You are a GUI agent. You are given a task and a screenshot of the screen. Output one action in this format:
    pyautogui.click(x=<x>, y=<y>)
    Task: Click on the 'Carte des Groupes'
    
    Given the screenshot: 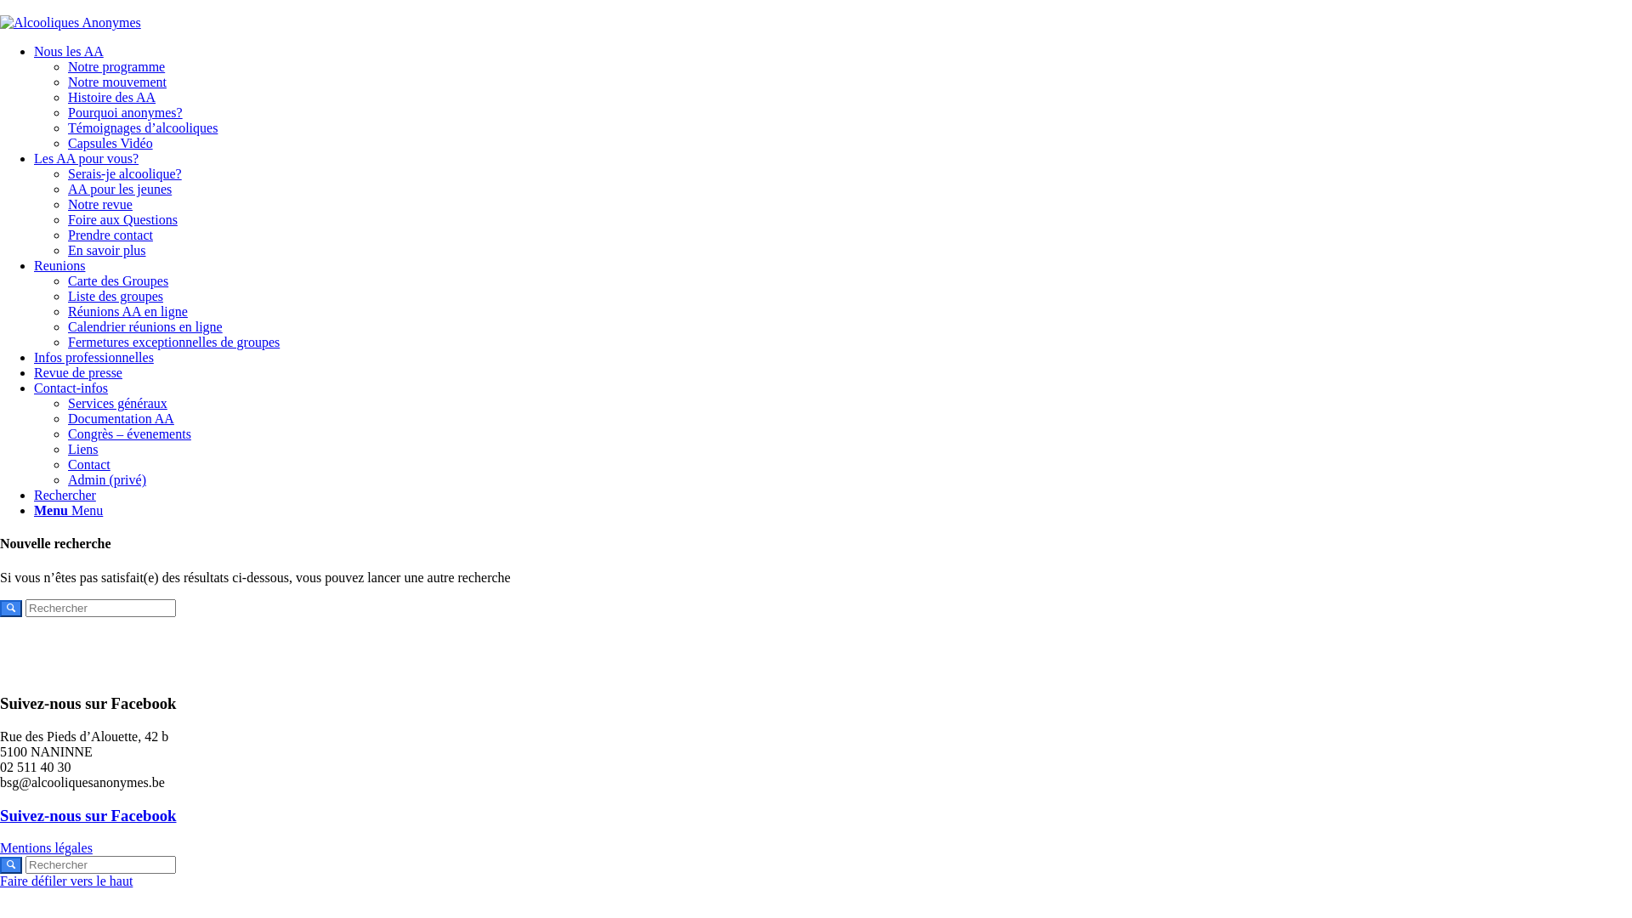 What is the action you would take?
    pyautogui.click(x=117, y=280)
    